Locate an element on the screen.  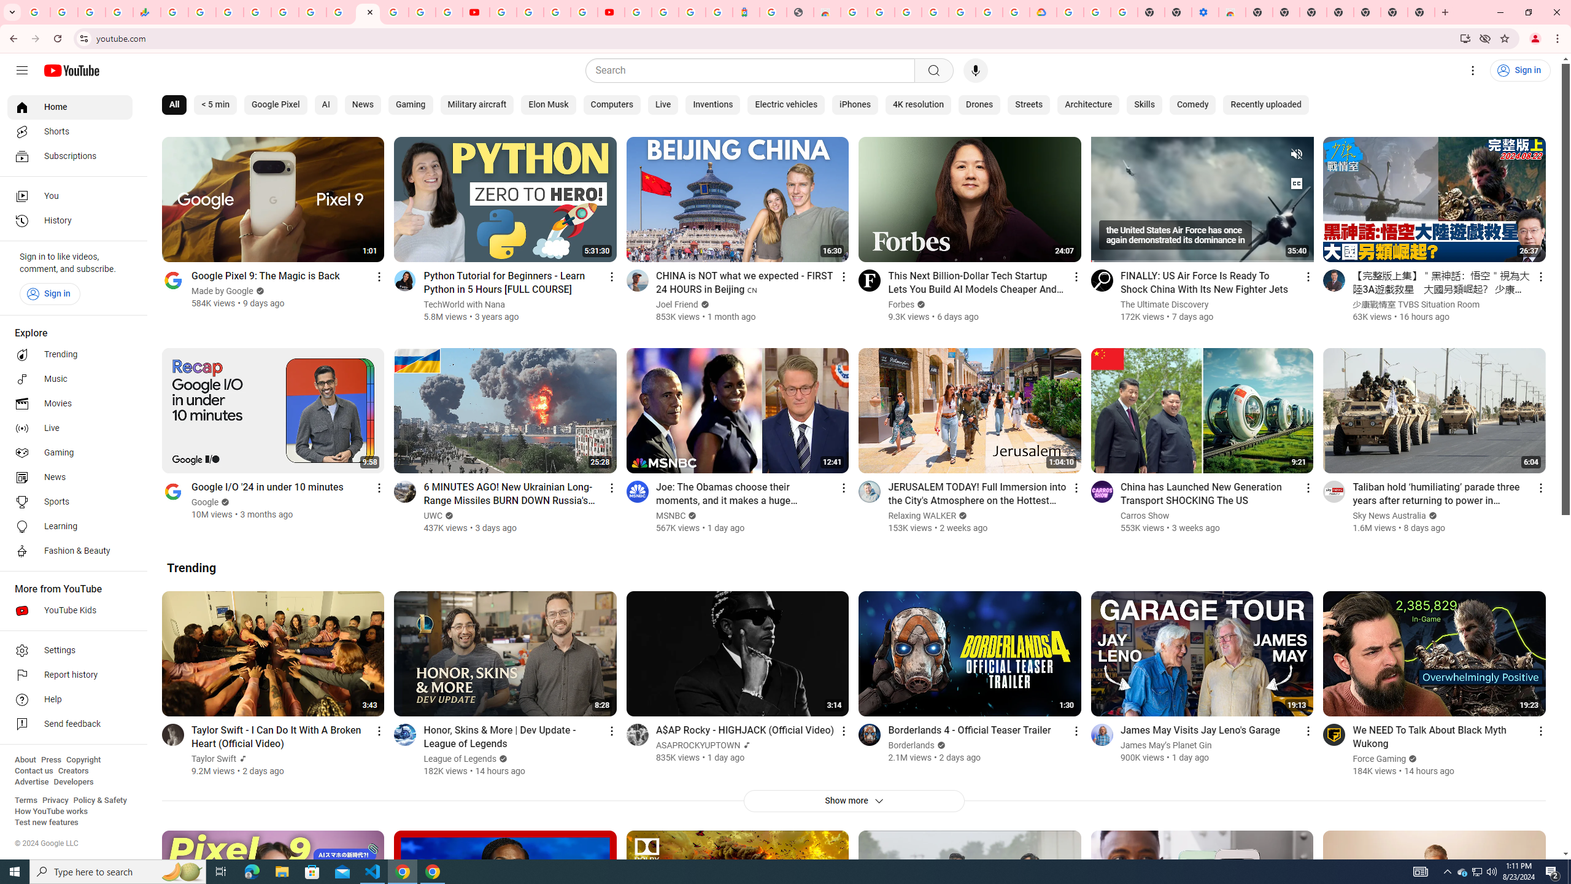
'Sports' is located at coordinates (69, 501).